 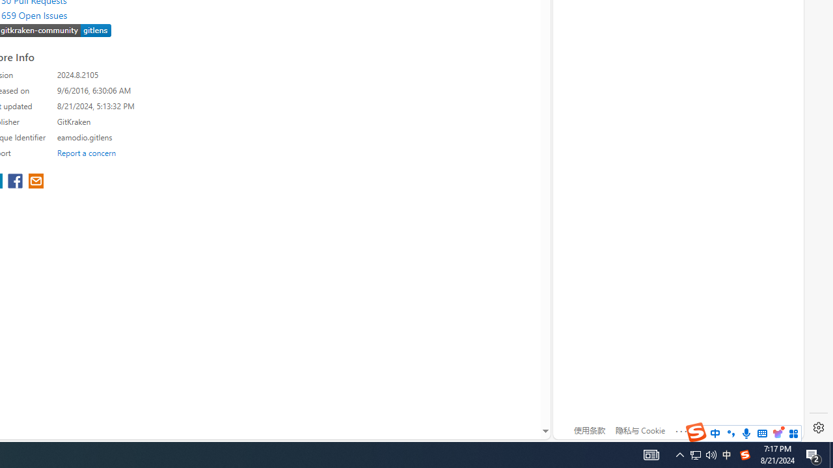 I want to click on 'Report a concern', so click(x=86, y=152).